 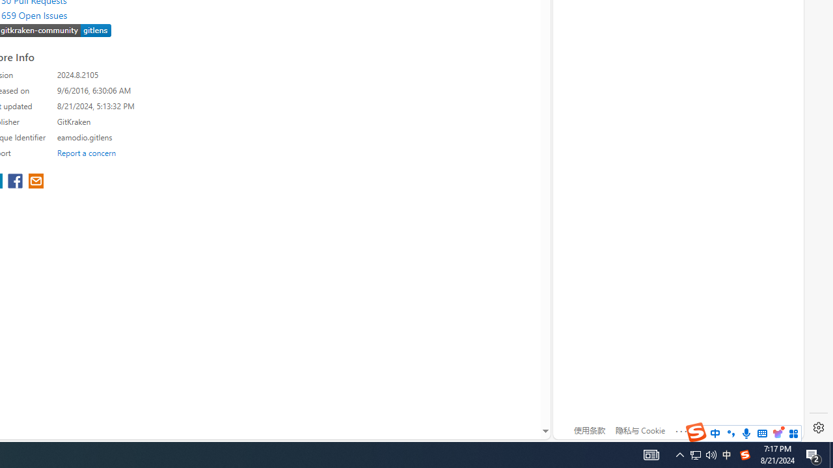 I want to click on 'Report a concern', so click(x=86, y=152).